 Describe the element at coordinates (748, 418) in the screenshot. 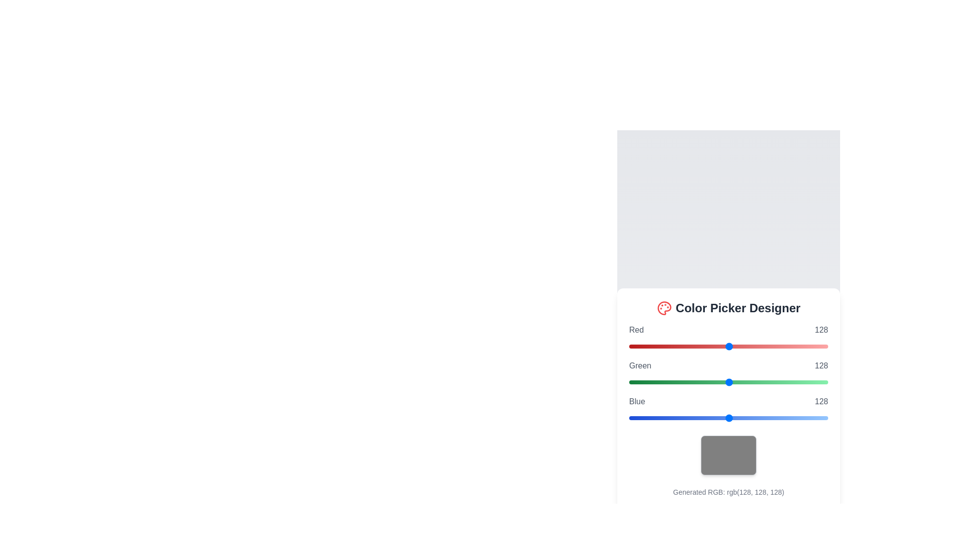

I see `the blue slider to set its value to 152` at that location.